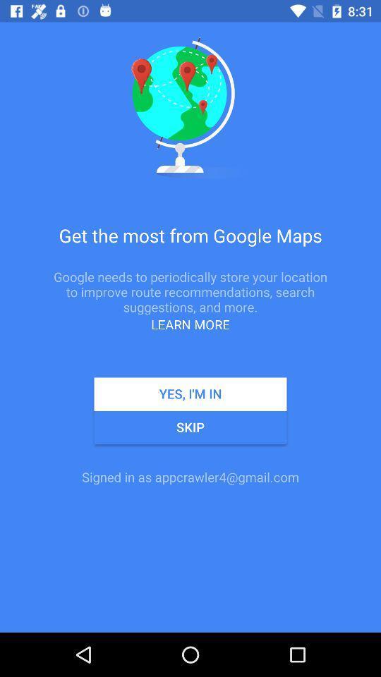 The width and height of the screenshot is (381, 677). I want to click on the app above the signed in as icon, so click(190, 427).